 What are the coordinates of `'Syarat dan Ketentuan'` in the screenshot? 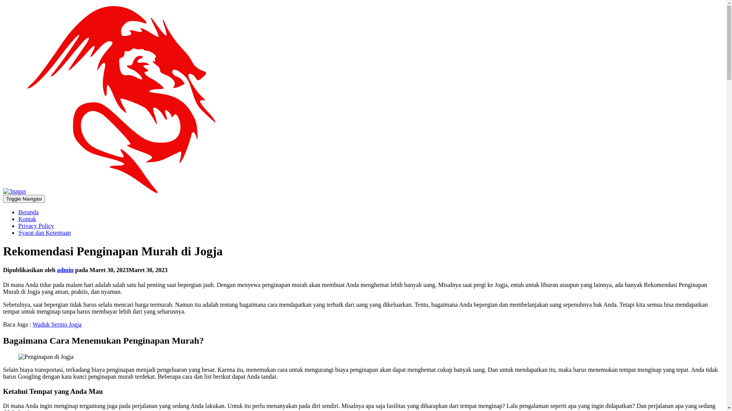 It's located at (44, 232).